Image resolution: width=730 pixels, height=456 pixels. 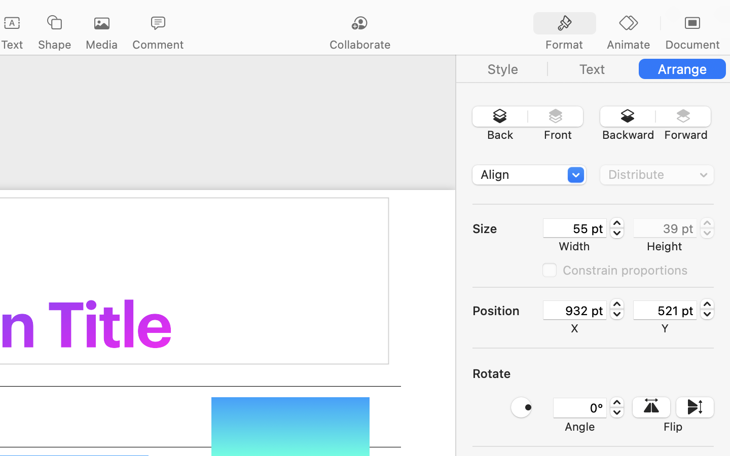 I want to click on '932 pt', so click(x=574, y=310).